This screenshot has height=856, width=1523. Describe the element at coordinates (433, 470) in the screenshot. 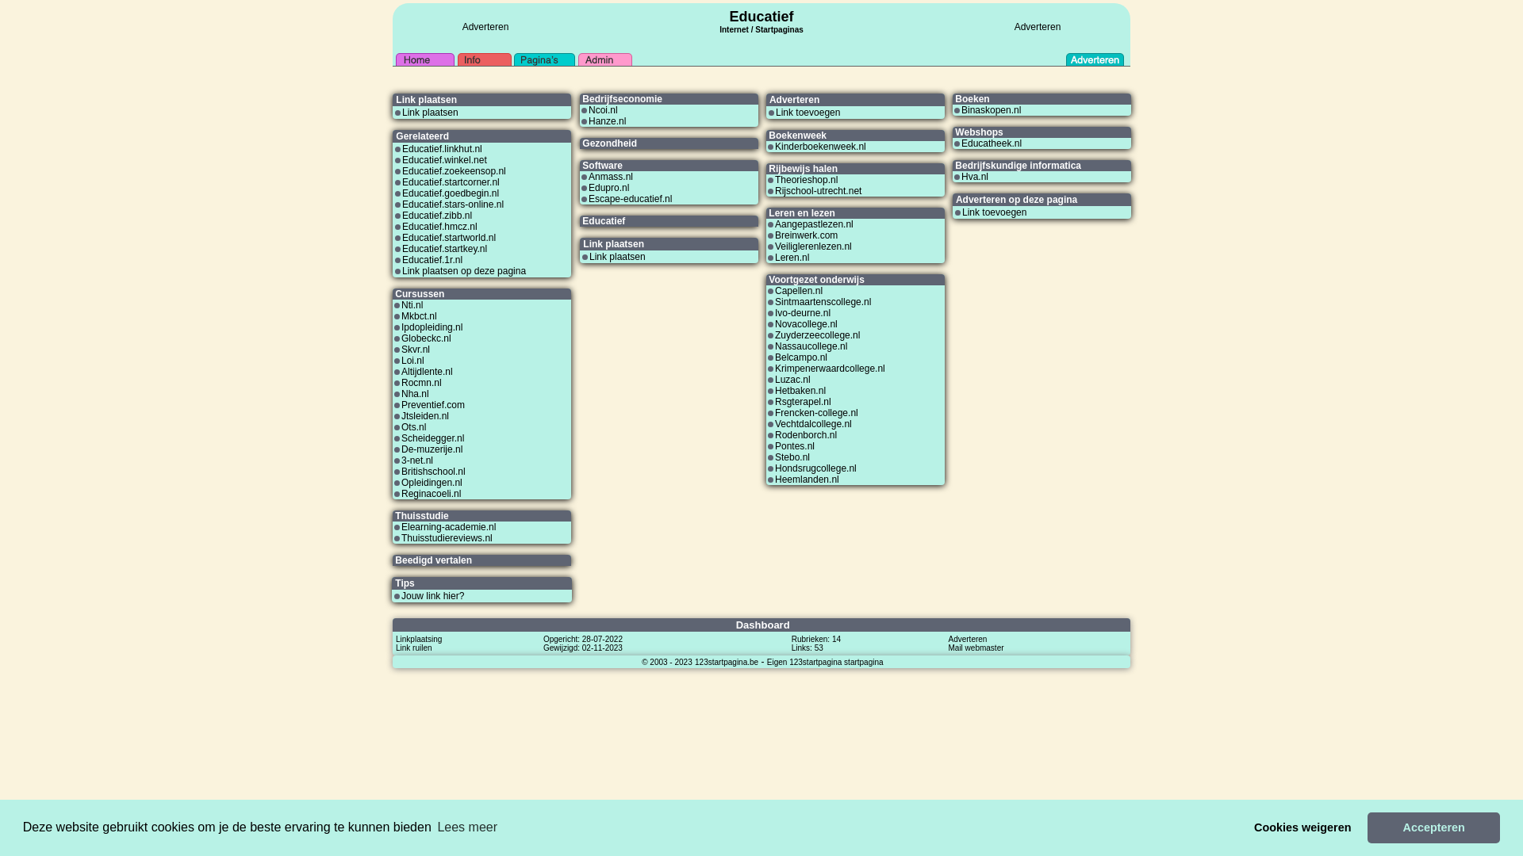

I see `'Britishschool.nl'` at that location.